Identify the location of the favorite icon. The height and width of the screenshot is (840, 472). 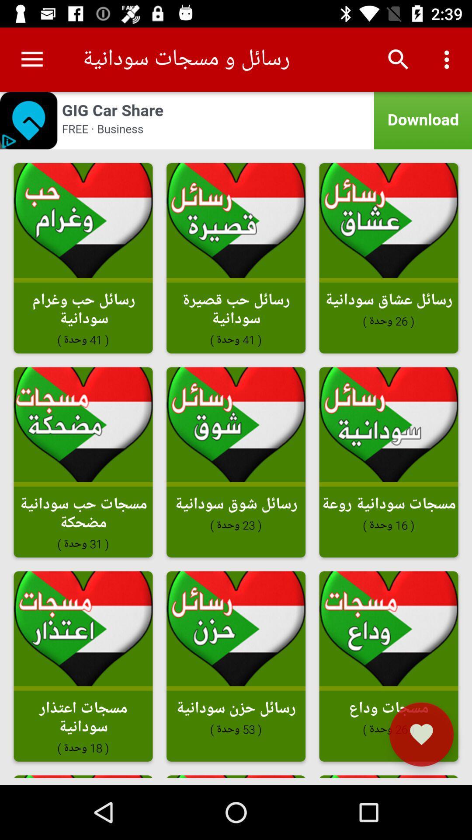
(421, 734).